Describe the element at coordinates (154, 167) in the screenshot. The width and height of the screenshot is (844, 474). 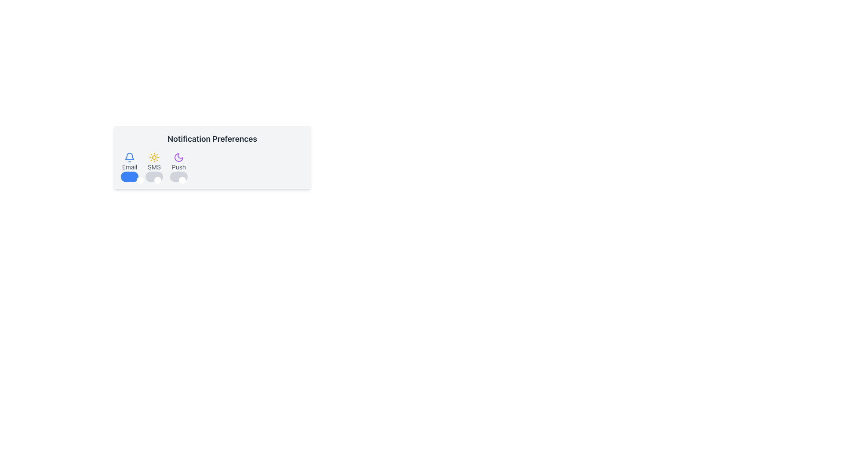
I see `the text label displaying 'SMS', which is styled in gray and located between a sun icon and a toggle switch in the notification preferences section` at that location.